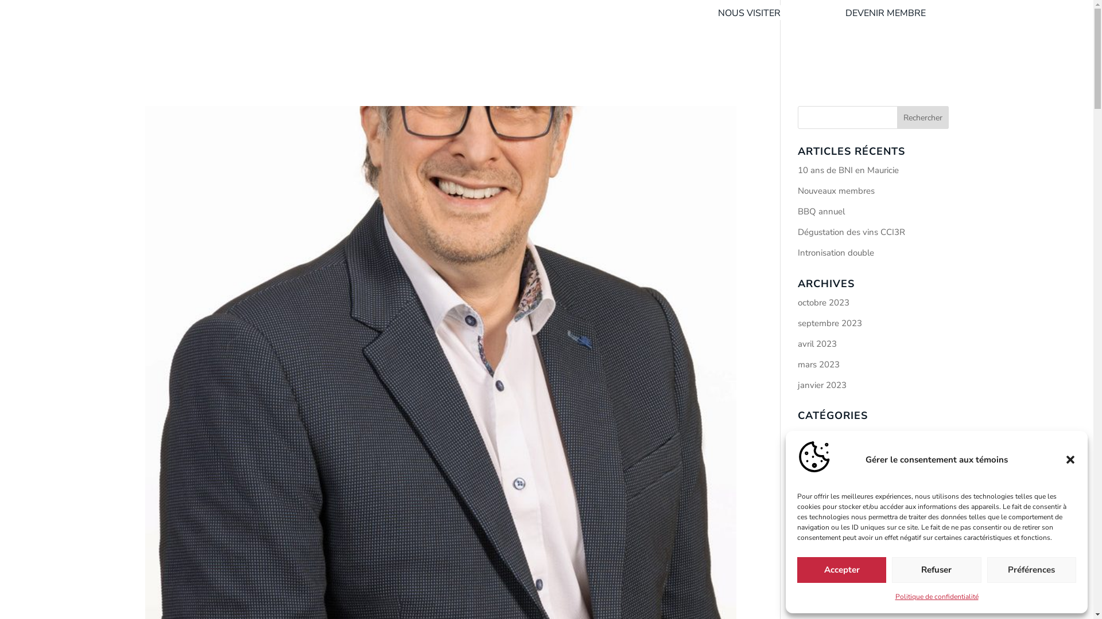  Describe the element at coordinates (836, 252) in the screenshot. I see `'Intronisation double'` at that location.